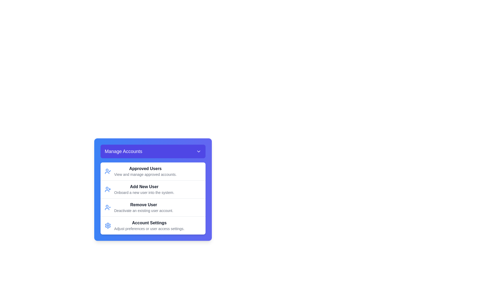 The height and width of the screenshot is (283, 504). I want to click on static informational text located below the 'Account Settings' title in the options panel to understand its content, so click(149, 228).